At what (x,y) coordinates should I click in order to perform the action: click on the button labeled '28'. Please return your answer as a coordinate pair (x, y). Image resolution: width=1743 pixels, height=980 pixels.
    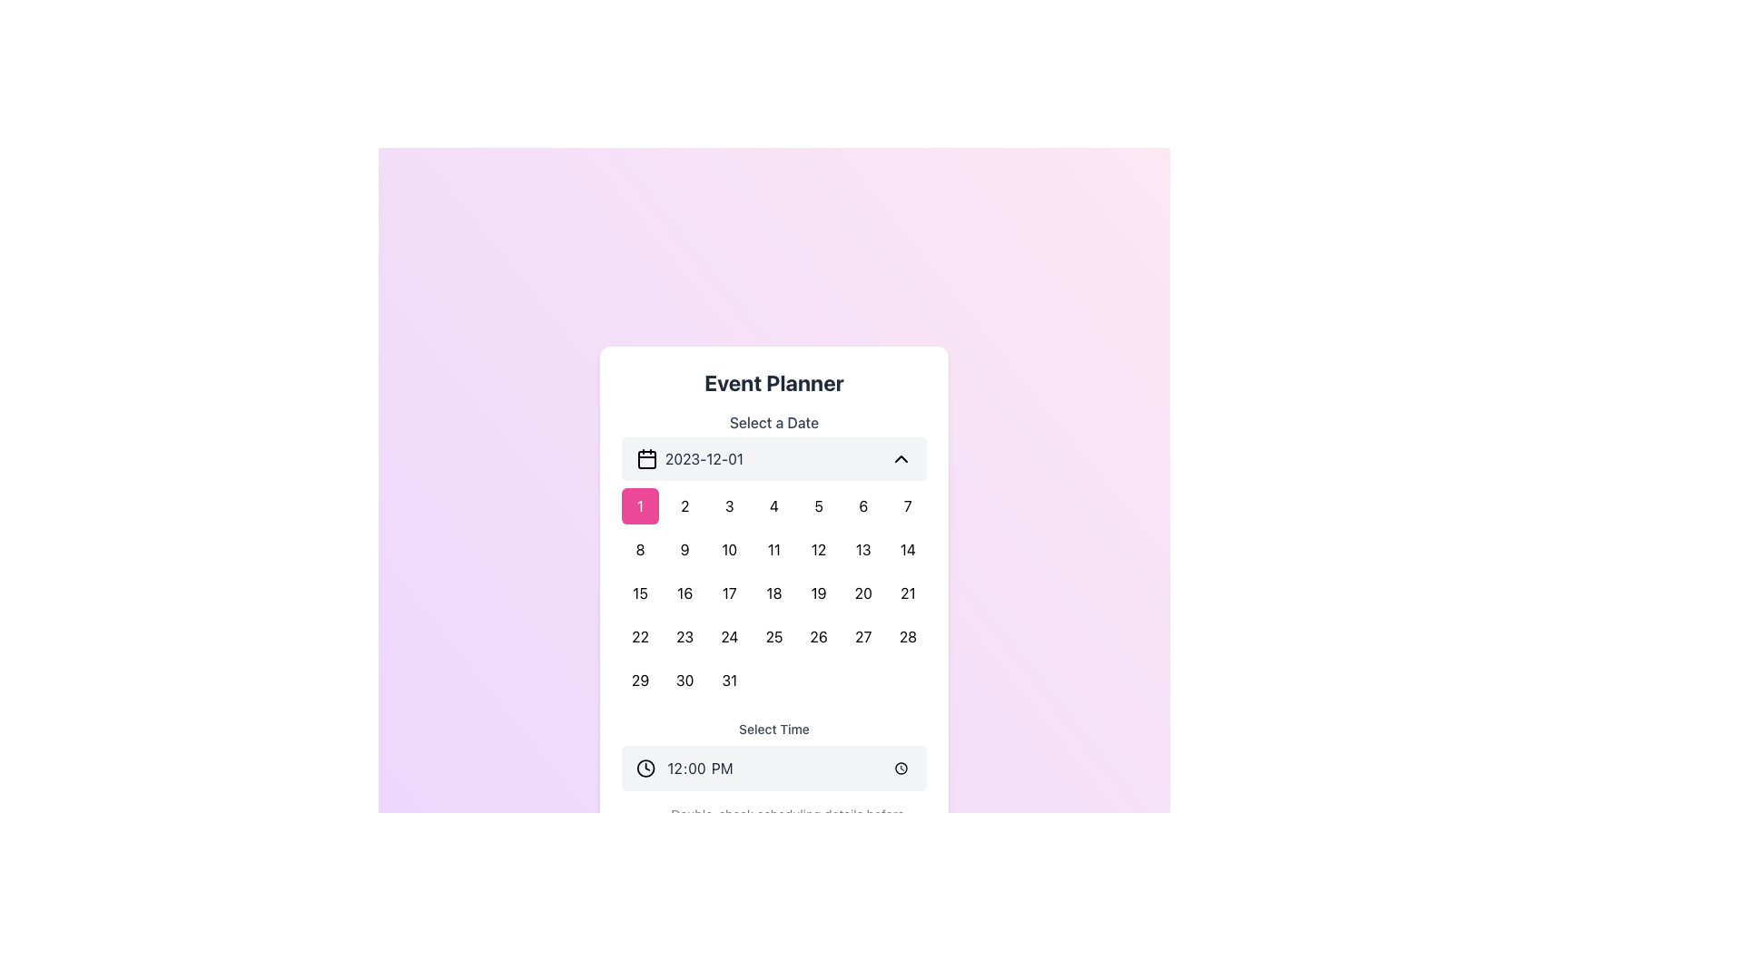
    Looking at the image, I should click on (908, 636).